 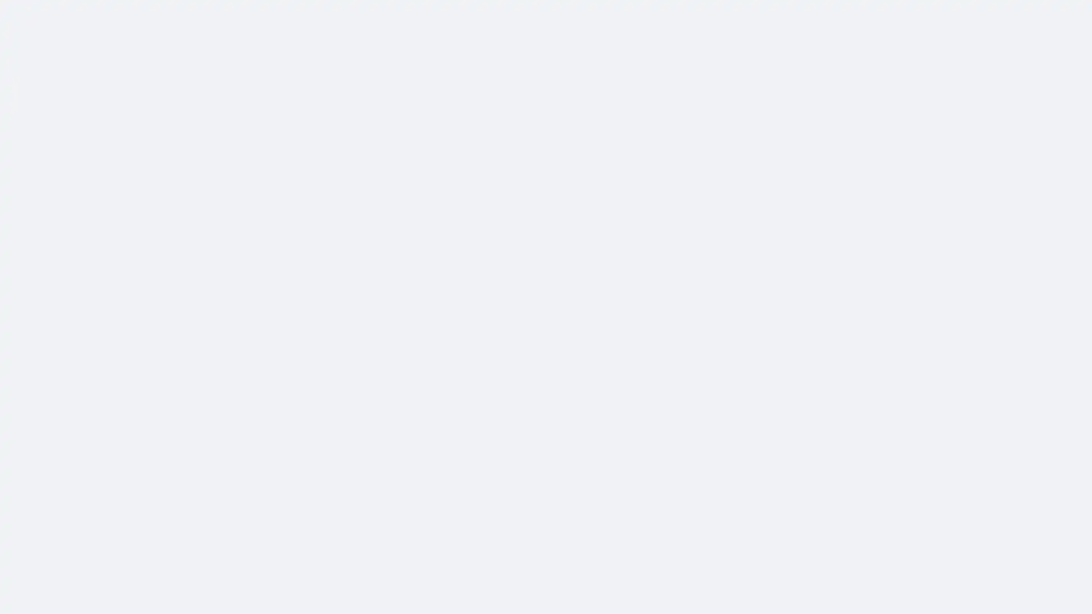 What do you see at coordinates (742, 596) in the screenshot?
I see `Share` at bounding box center [742, 596].